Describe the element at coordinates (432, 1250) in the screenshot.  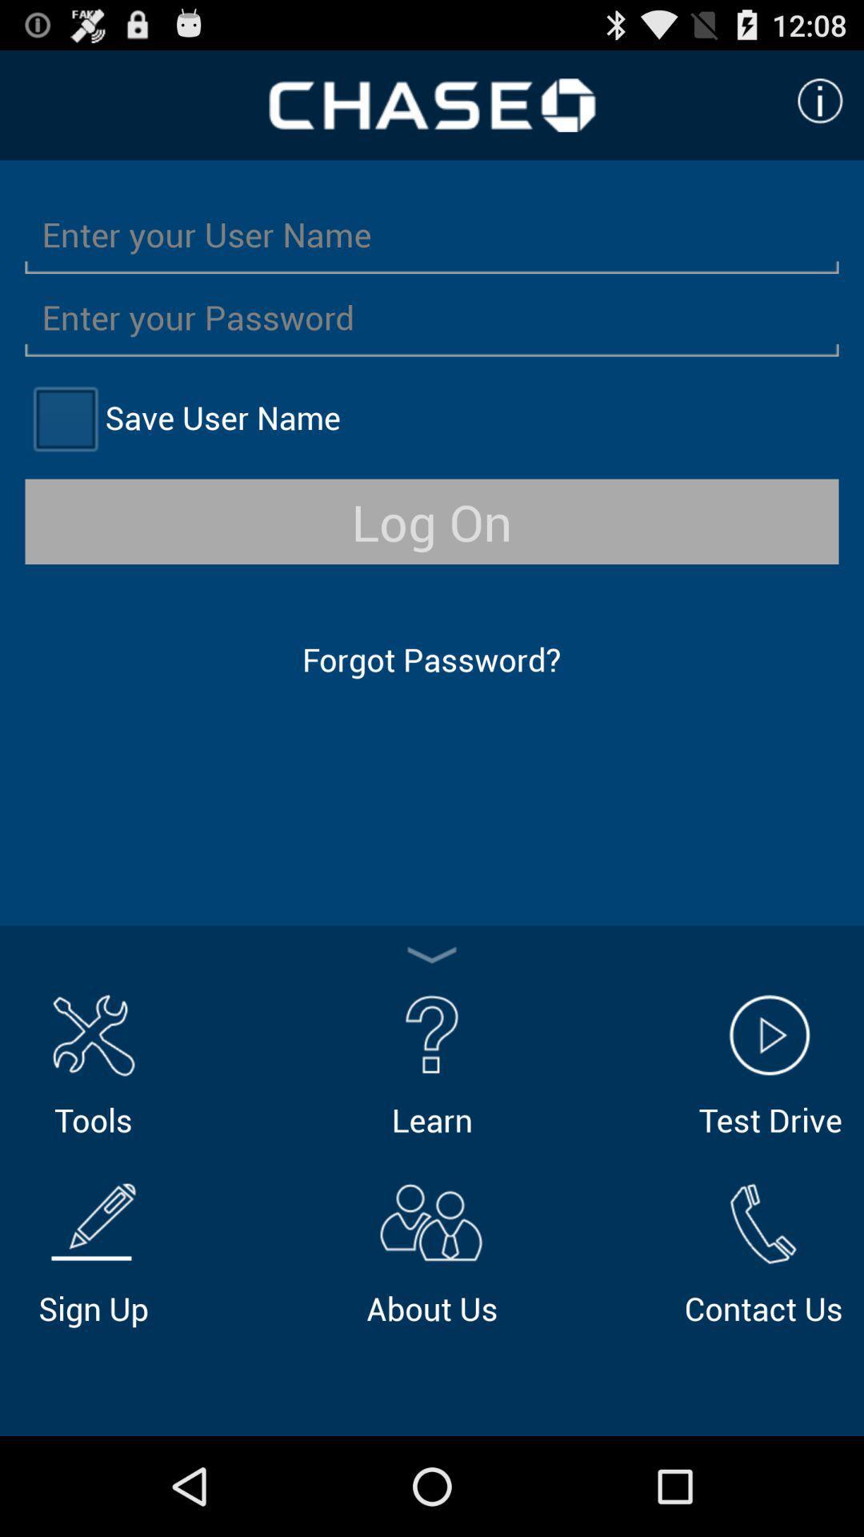
I see `icon below learn icon` at that location.